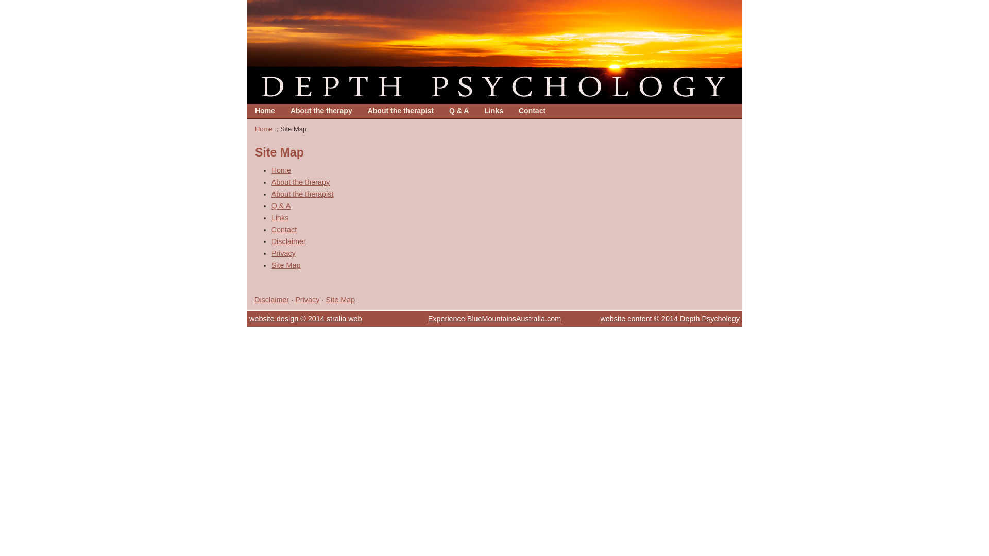  Describe the element at coordinates (306, 300) in the screenshot. I see `'Privacy'` at that location.